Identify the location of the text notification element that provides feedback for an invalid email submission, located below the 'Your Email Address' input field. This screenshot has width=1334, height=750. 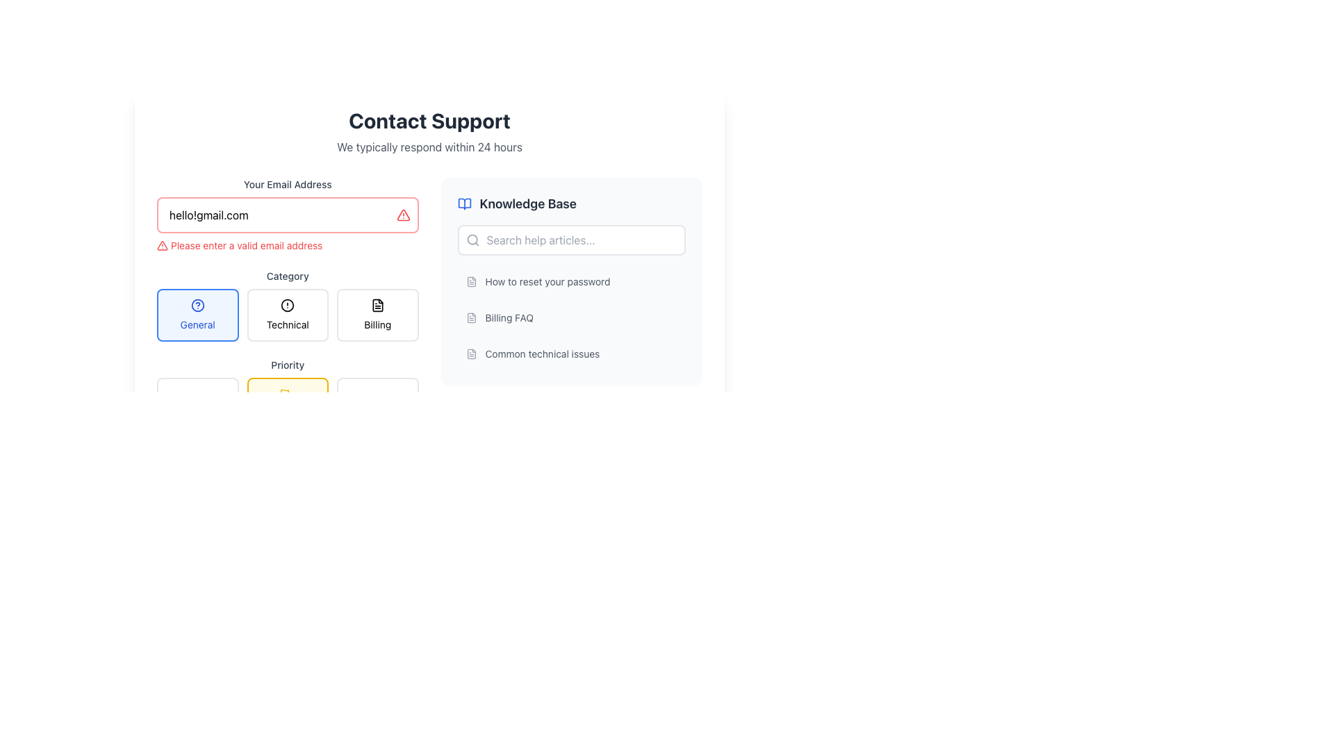
(287, 245).